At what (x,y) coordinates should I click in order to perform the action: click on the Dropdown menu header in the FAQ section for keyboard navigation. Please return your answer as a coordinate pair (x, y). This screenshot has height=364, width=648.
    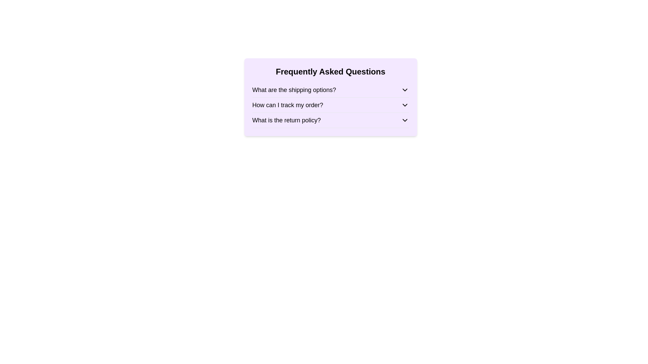
    Looking at the image, I should click on (330, 120).